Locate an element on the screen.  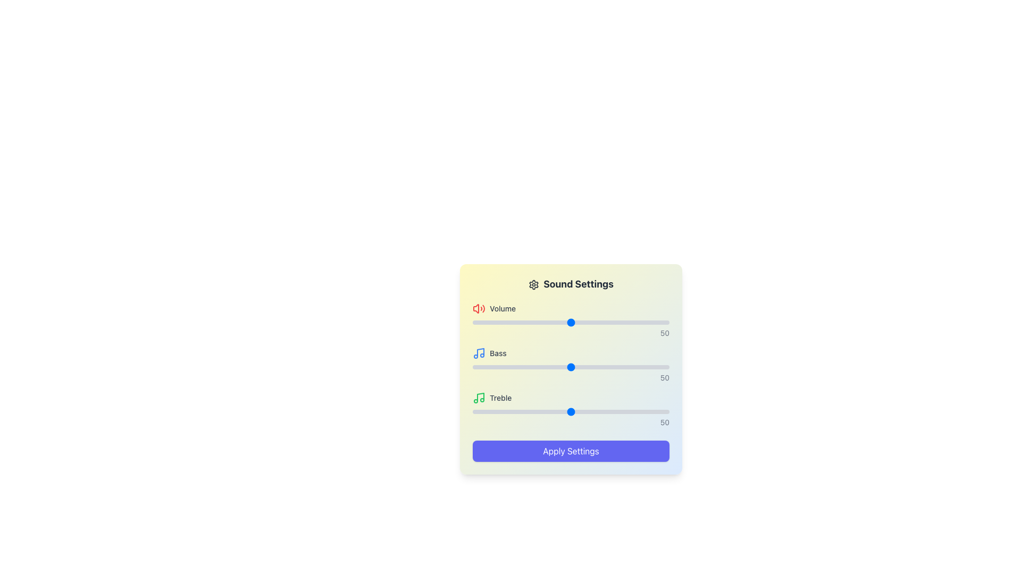
treble is located at coordinates (643, 411).